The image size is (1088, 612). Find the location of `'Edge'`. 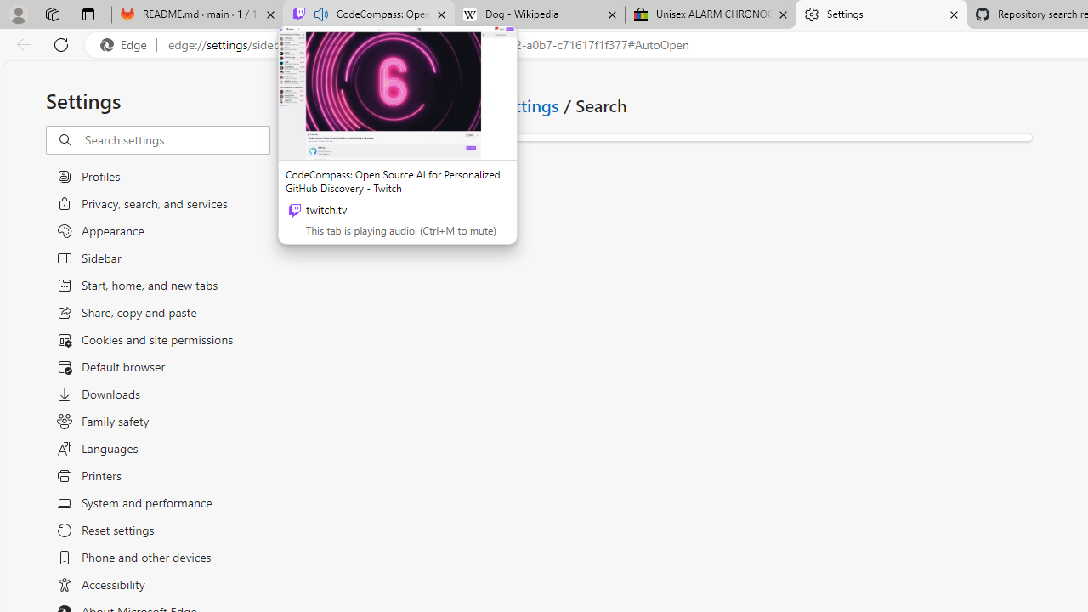

'Edge' is located at coordinates (127, 44).